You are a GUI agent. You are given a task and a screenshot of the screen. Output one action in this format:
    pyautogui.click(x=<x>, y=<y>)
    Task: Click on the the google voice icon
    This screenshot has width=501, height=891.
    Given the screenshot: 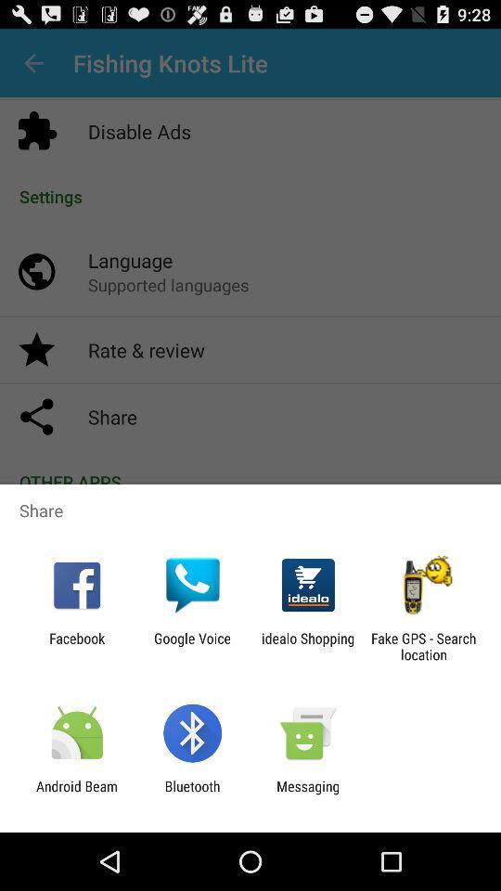 What is the action you would take?
    pyautogui.click(x=191, y=646)
    